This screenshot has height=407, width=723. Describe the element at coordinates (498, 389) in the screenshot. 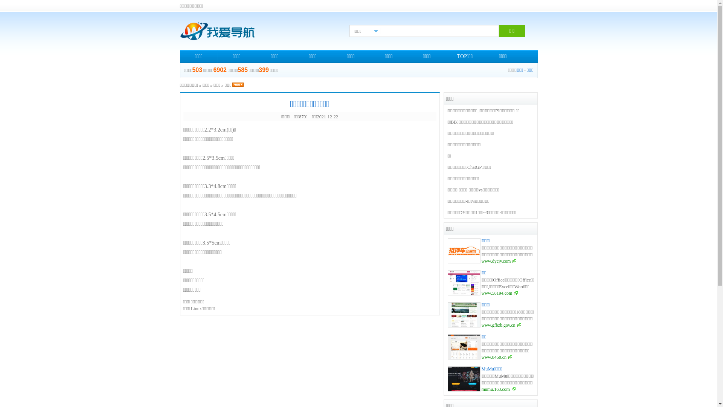

I see `'mumu.163.com'` at that location.